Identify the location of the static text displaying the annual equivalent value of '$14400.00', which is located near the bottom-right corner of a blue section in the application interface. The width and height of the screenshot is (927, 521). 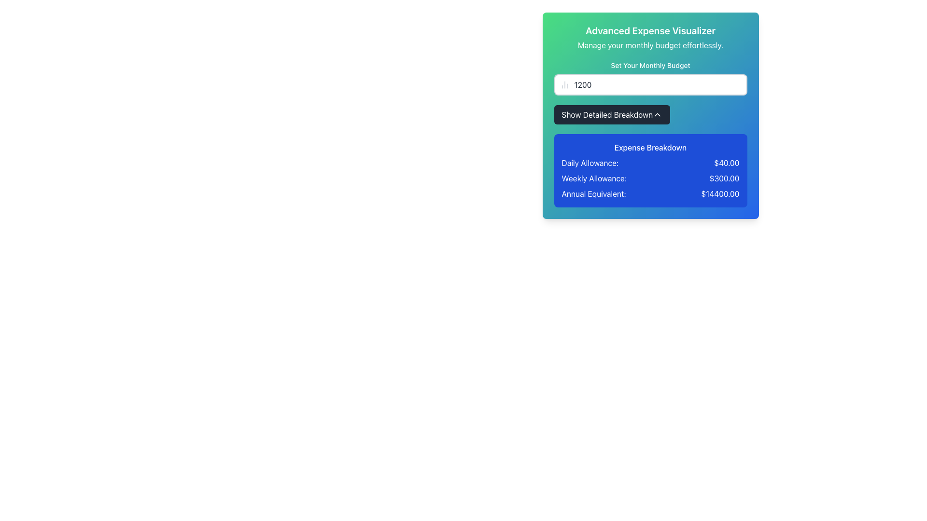
(720, 193).